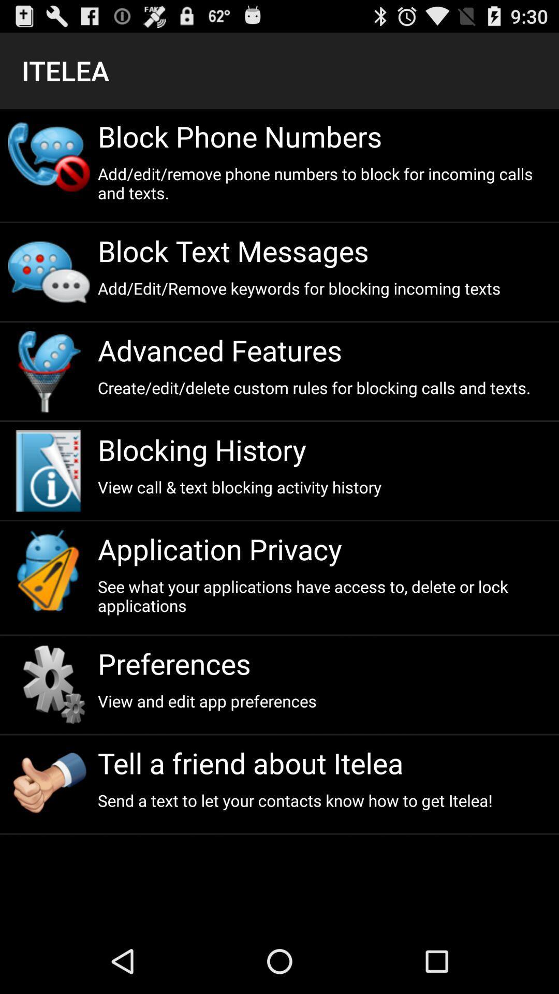  Describe the element at coordinates (323, 486) in the screenshot. I see `app below blocking history app` at that location.